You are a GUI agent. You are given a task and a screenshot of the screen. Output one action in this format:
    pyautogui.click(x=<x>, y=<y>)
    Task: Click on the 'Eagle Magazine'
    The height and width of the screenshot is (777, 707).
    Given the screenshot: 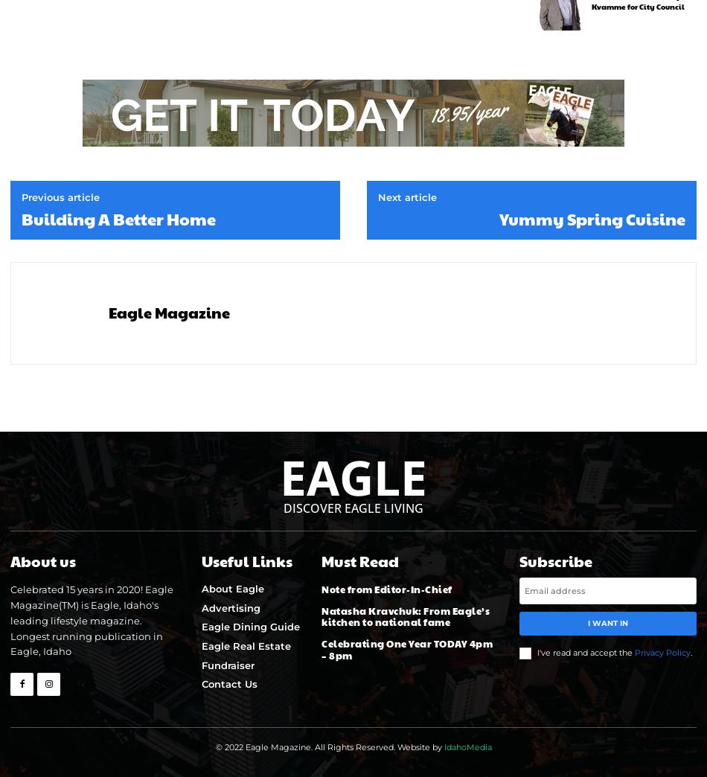 What is the action you would take?
    pyautogui.click(x=169, y=312)
    